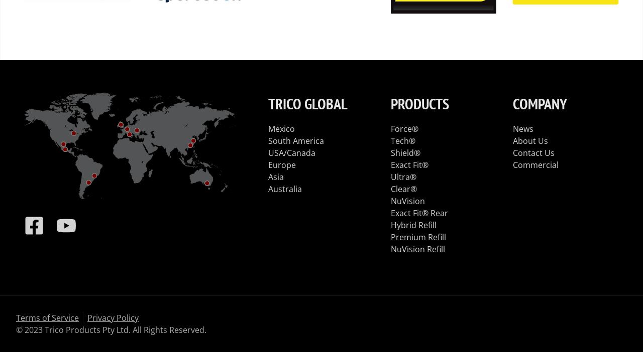 This screenshot has height=352, width=643. What do you see at coordinates (407, 200) in the screenshot?
I see `'NuVision'` at bounding box center [407, 200].